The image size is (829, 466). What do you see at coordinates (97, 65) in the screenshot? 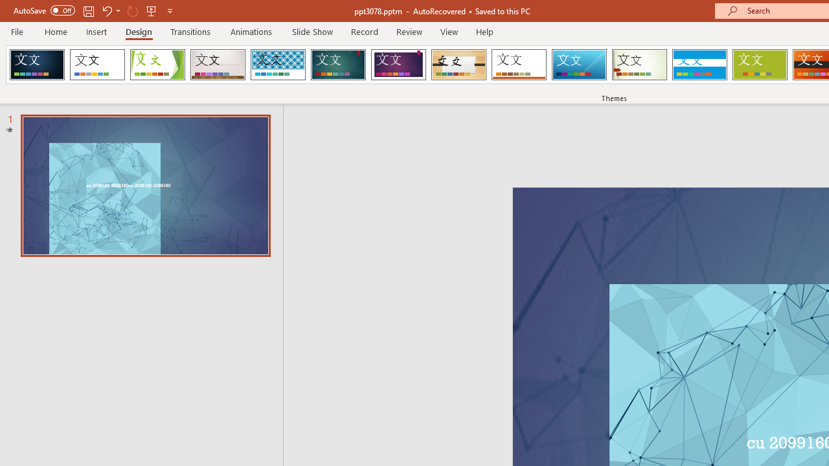
I see `'Office Theme'` at bounding box center [97, 65].